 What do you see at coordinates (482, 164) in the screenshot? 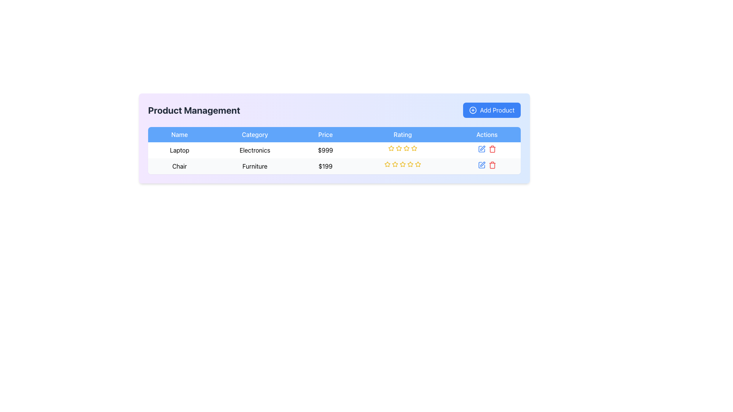
I see `the pen icon button located in the 'Actions' column of the second row in the product table` at bounding box center [482, 164].